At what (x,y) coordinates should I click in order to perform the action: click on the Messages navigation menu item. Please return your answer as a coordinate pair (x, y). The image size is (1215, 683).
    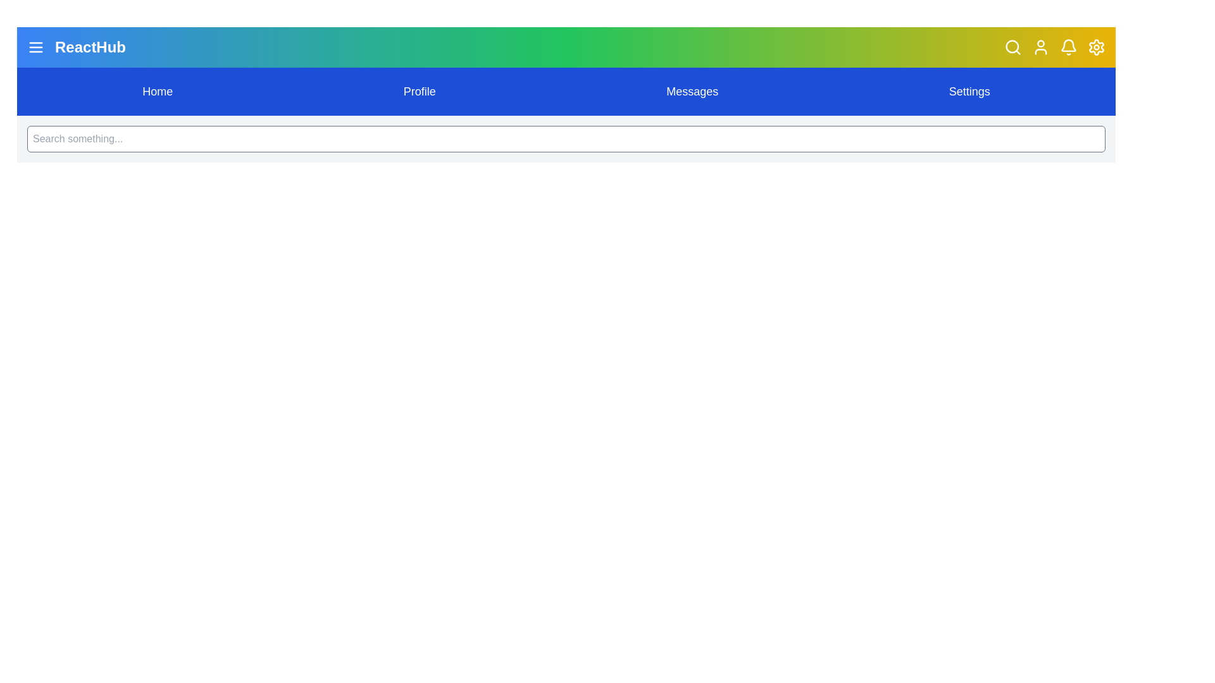
    Looking at the image, I should click on (692, 91).